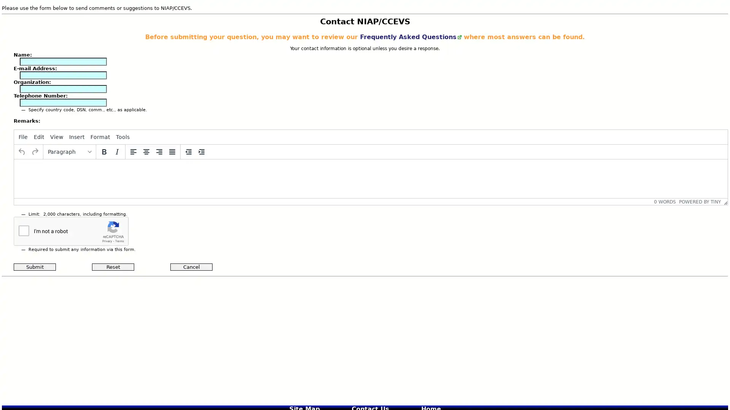 This screenshot has width=730, height=410. What do you see at coordinates (133, 152) in the screenshot?
I see `Align left` at bounding box center [133, 152].